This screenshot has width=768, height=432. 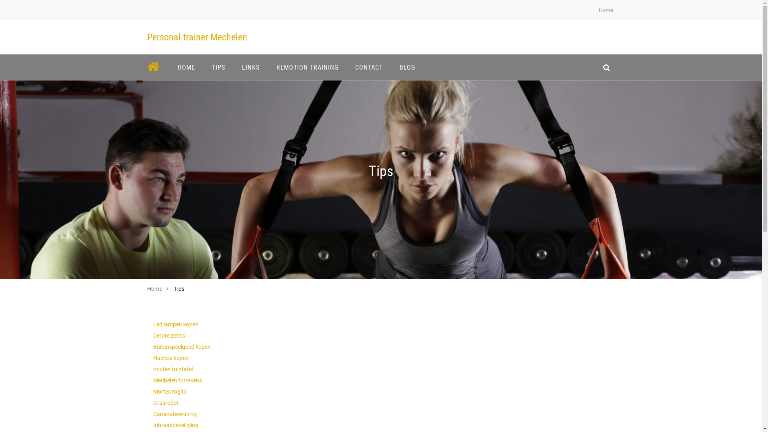 I want to click on 'REMOTION TRAINING', so click(x=307, y=67).